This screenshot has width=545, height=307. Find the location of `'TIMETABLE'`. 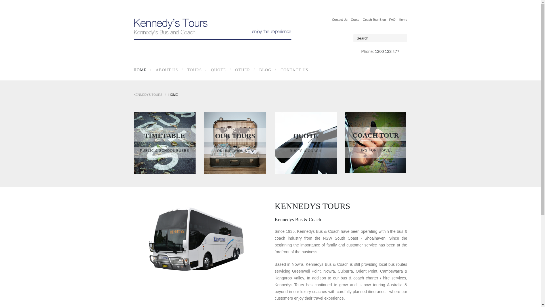

'TIMETABLE' is located at coordinates (164, 136).